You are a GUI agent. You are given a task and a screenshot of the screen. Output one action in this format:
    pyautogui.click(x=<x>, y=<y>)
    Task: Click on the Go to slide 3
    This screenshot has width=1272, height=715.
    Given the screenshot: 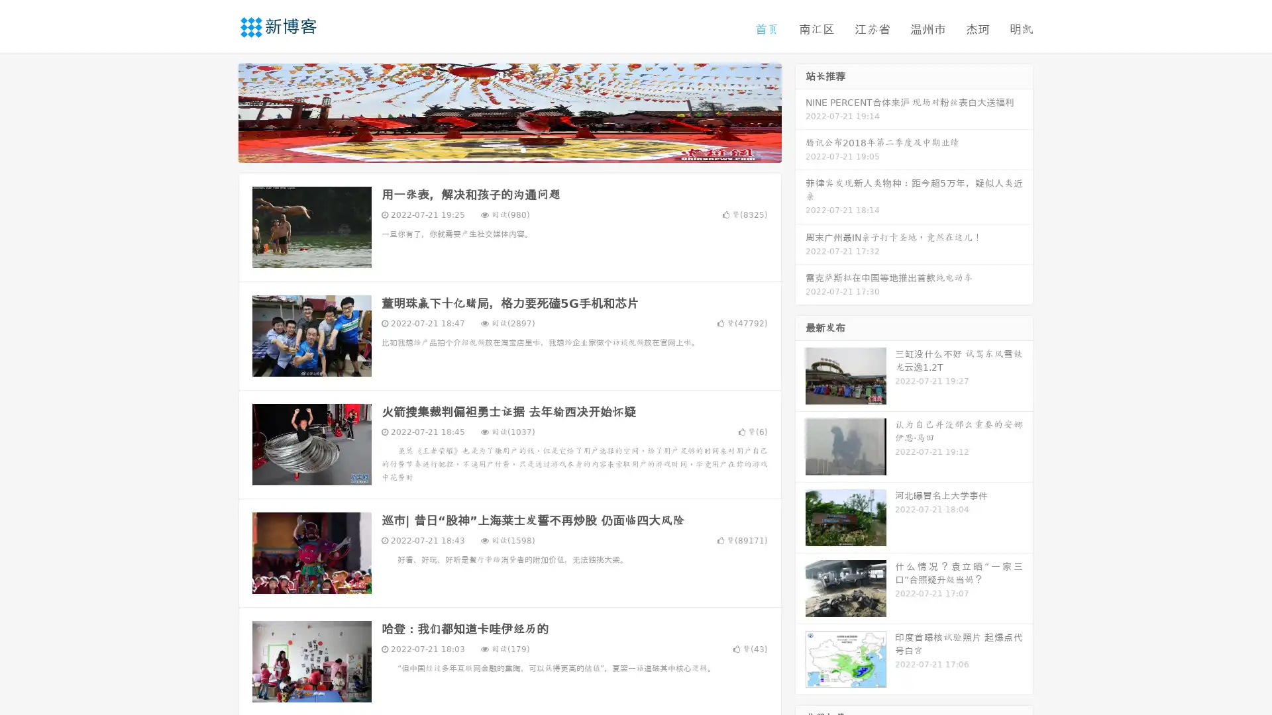 What is the action you would take?
    pyautogui.click(x=523, y=149)
    